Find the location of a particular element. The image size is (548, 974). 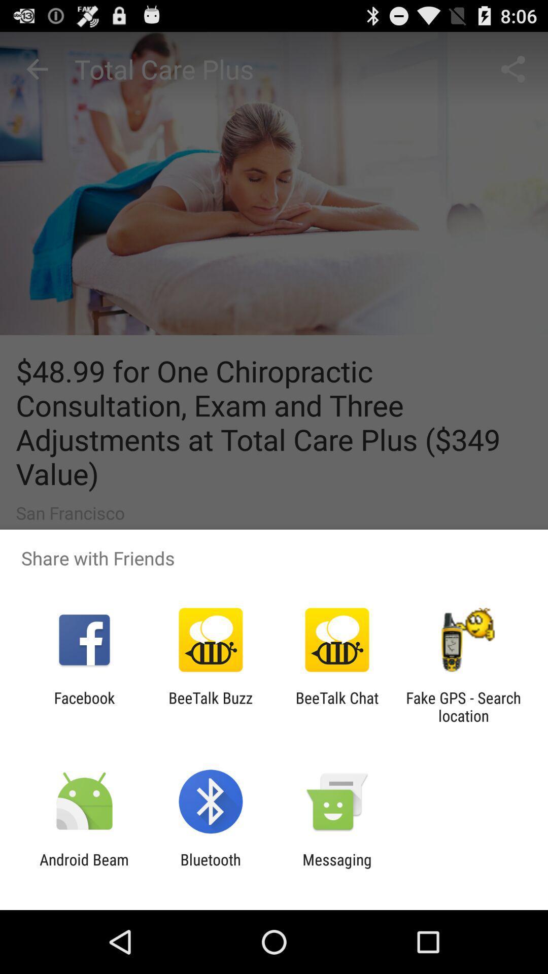

the item next to the beetalk chat app is located at coordinates (210, 706).